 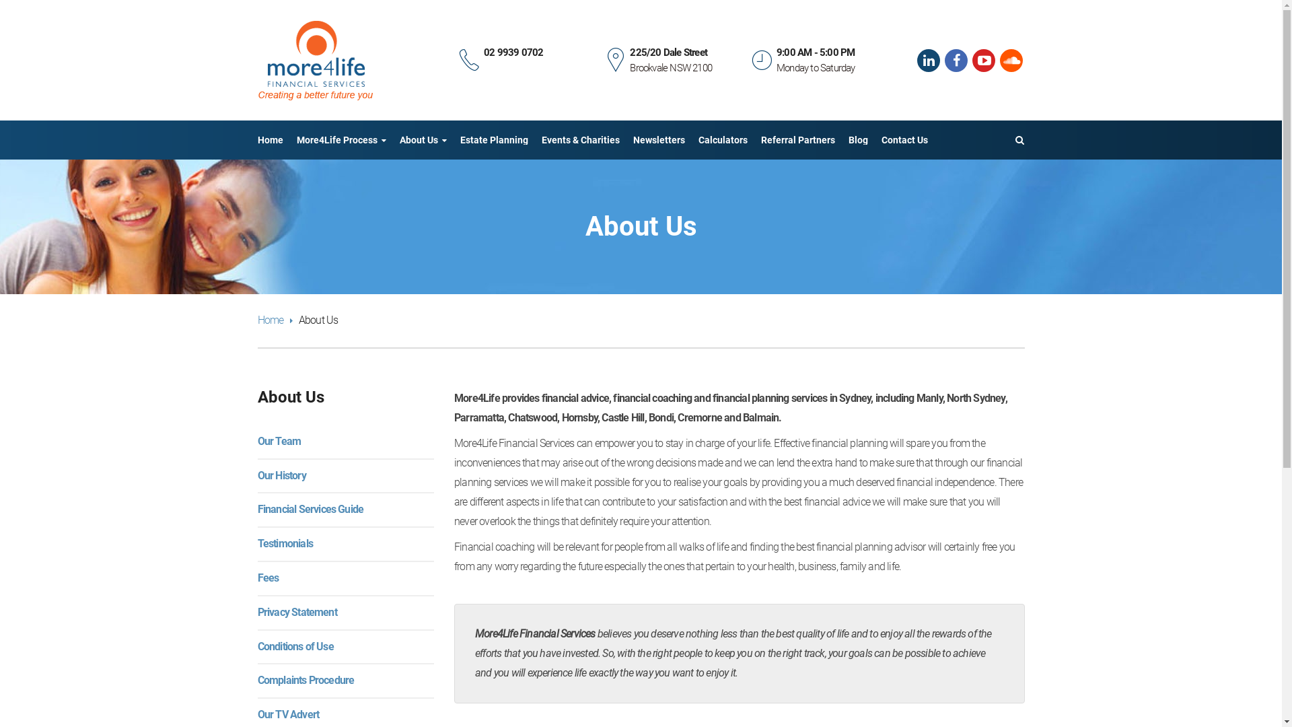 What do you see at coordinates (283, 543) in the screenshot?
I see `'Testimonials'` at bounding box center [283, 543].